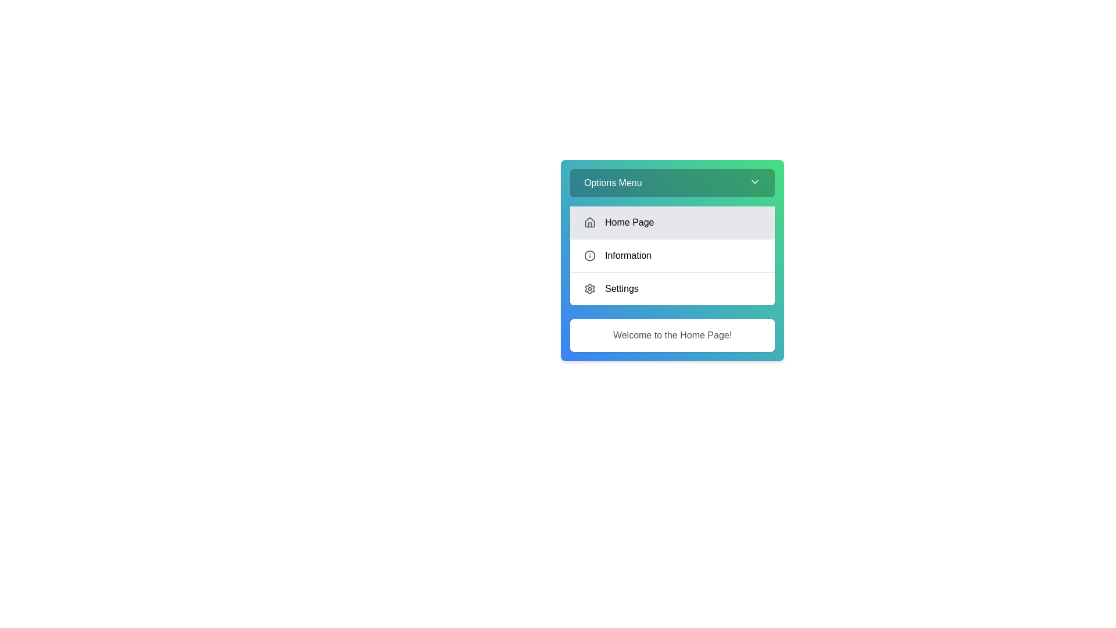 This screenshot has height=628, width=1116. Describe the element at coordinates (589, 288) in the screenshot. I see `the gear icon located to the left of the 'Settings' text in the third row of the vertical menu list` at that location.